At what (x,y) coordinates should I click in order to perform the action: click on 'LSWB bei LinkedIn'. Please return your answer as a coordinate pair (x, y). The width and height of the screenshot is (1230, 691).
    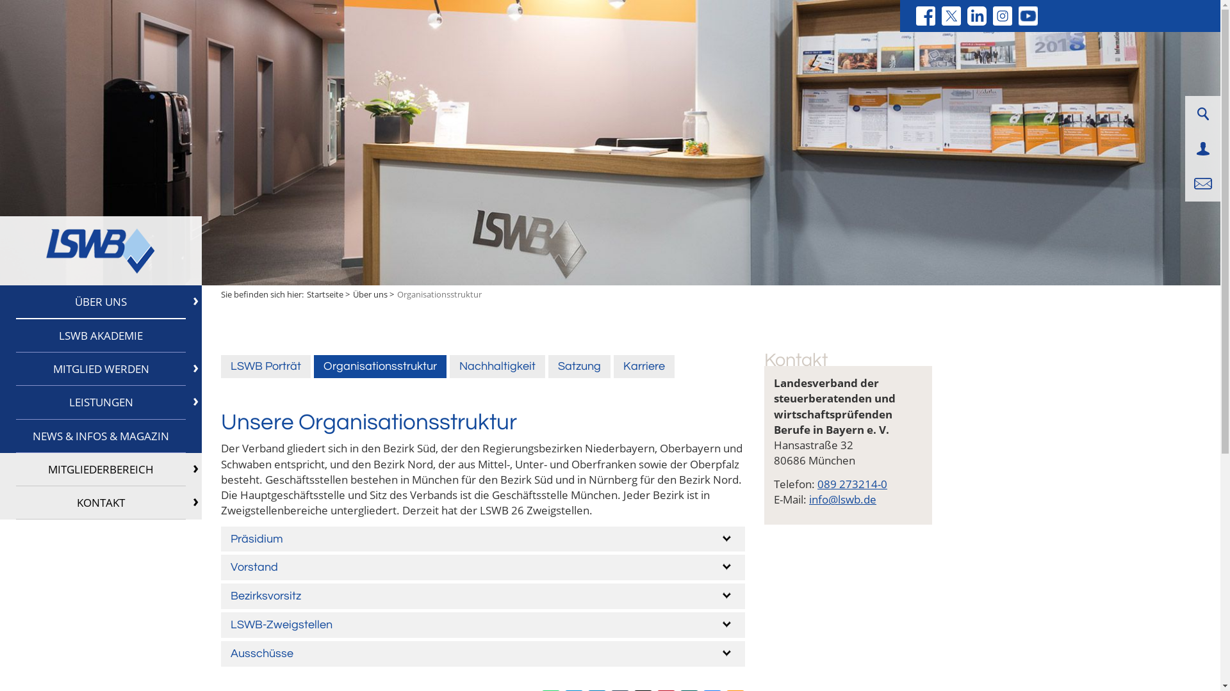
    Looking at the image, I should click on (976, 15).